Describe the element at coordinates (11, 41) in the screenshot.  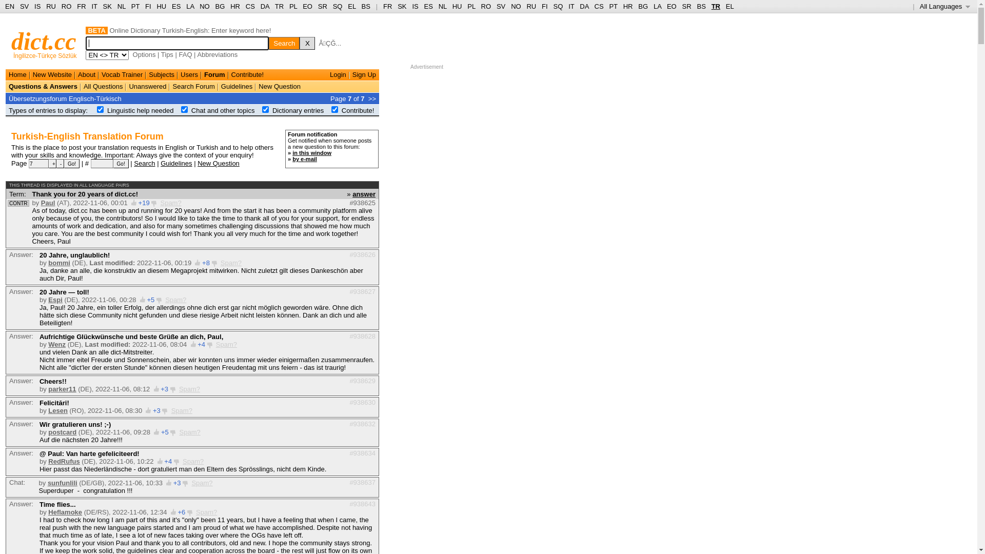
I see `'dict.cc'` at that location.